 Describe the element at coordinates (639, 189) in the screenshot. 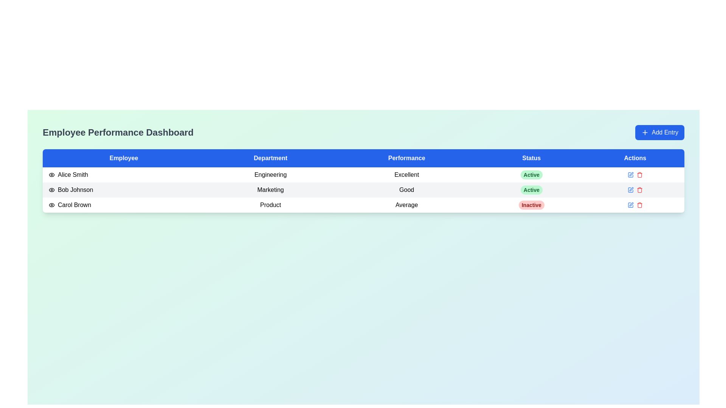

I see `the trash can icon` at that location.